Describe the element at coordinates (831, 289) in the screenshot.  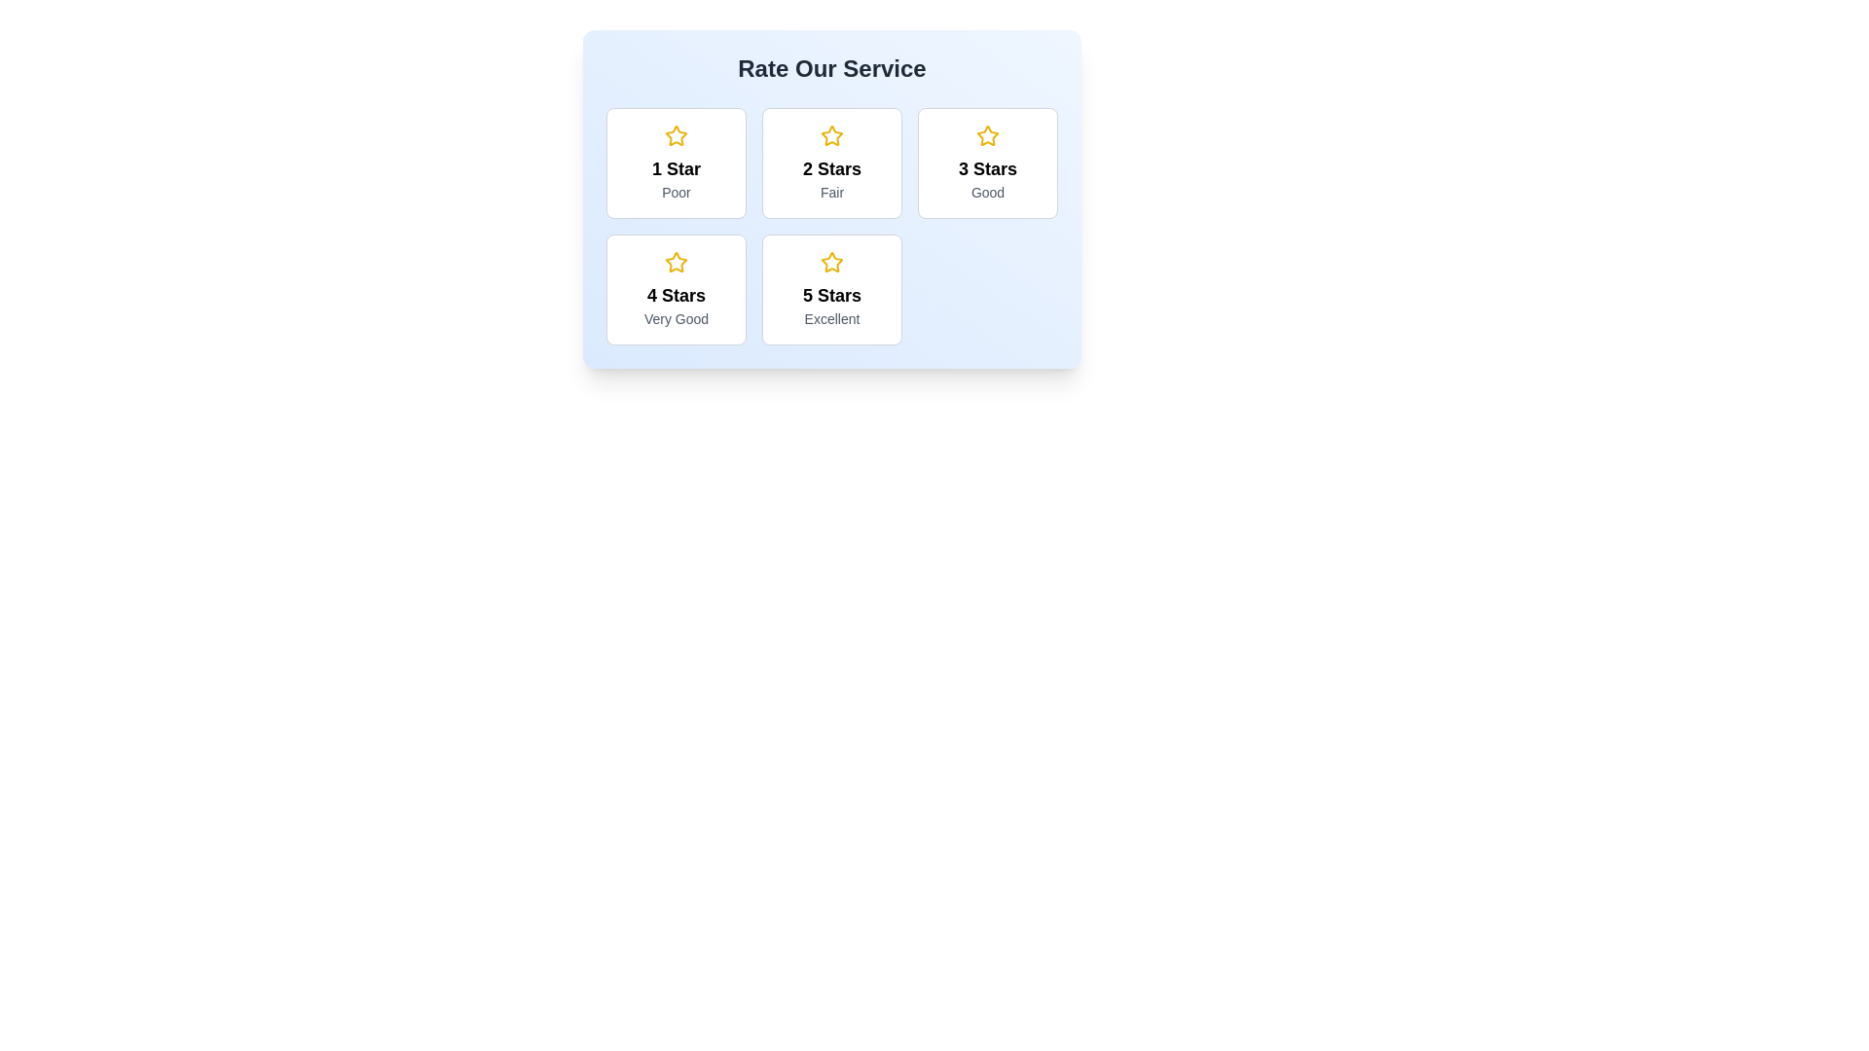
I see `the '5 Stars' rating button located in the bottom-right corner of the 'Rate Our Service' grid` at that location.